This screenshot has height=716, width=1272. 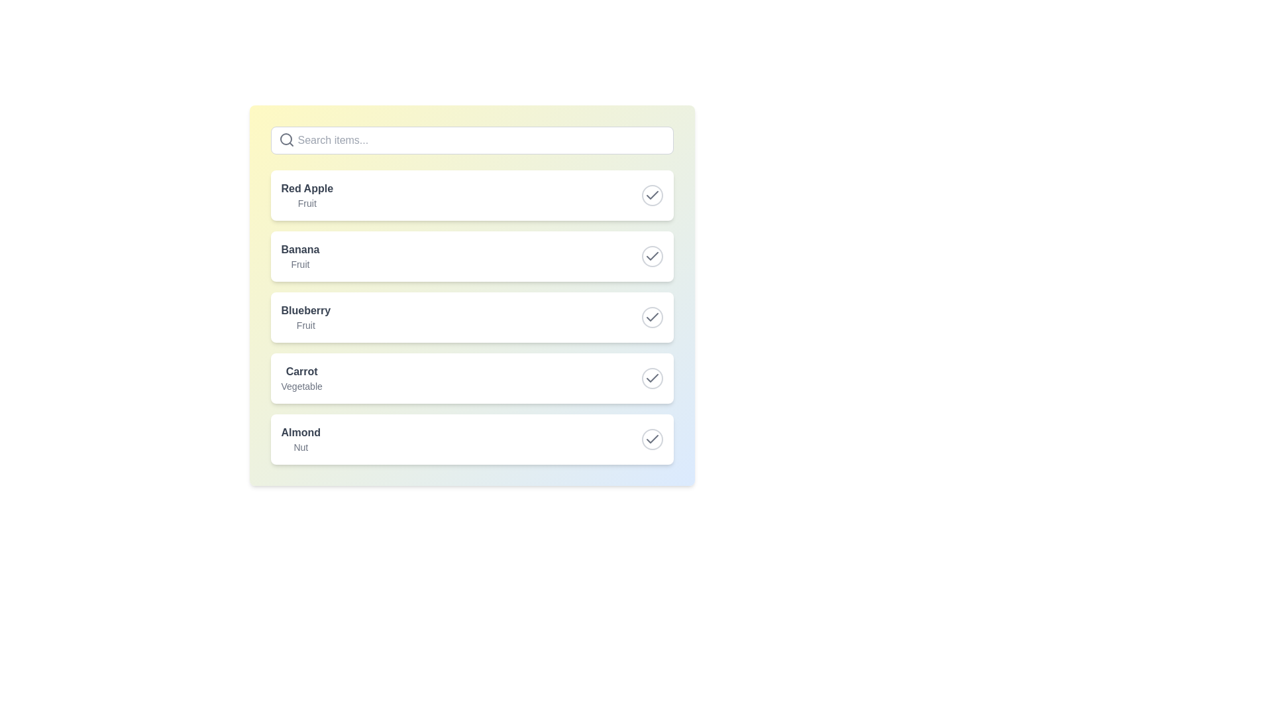 What do you see at coordinates (286, 140) in the screenshot?
I see `the search icon, which is a magnifying glass outline positioned to the left of the text input field labeled 'Search items...'` at bounding box center [286, 140].